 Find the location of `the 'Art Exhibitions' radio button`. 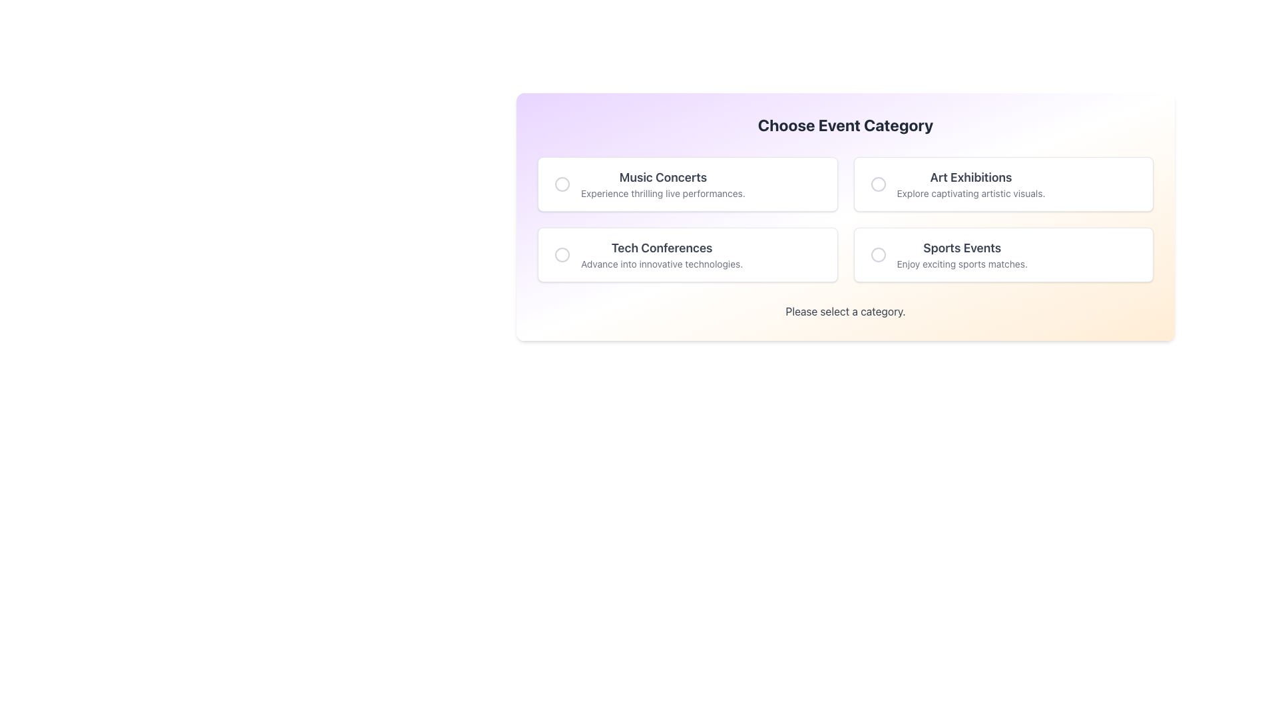

the 'Art Exhibitions' radio button is located at coordinates (1003, 184).